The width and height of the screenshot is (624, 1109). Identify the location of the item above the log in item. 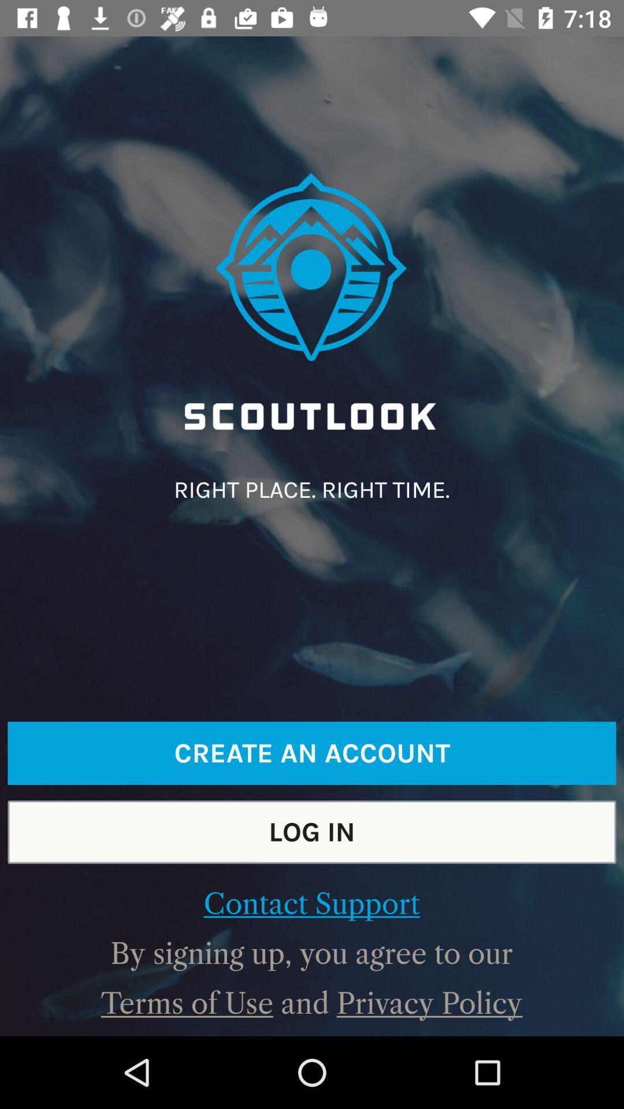
(312, 753).